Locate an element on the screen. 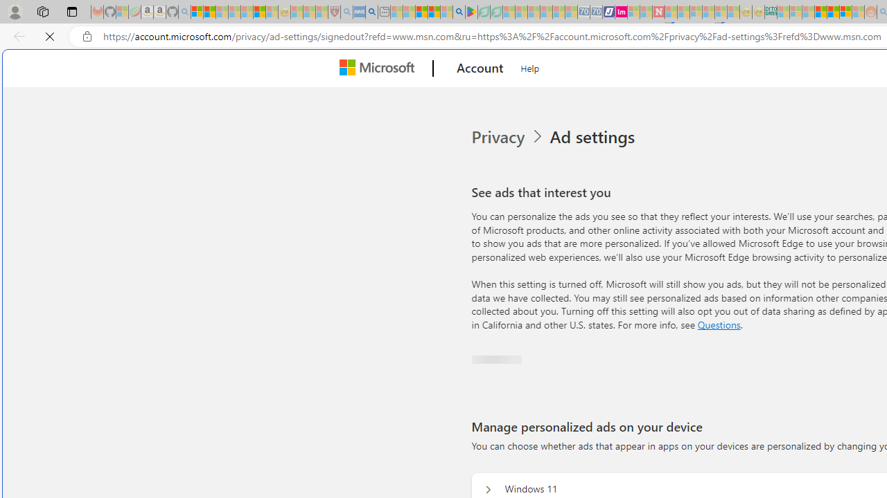  'google - Search' is located at coordinates (459, 12).